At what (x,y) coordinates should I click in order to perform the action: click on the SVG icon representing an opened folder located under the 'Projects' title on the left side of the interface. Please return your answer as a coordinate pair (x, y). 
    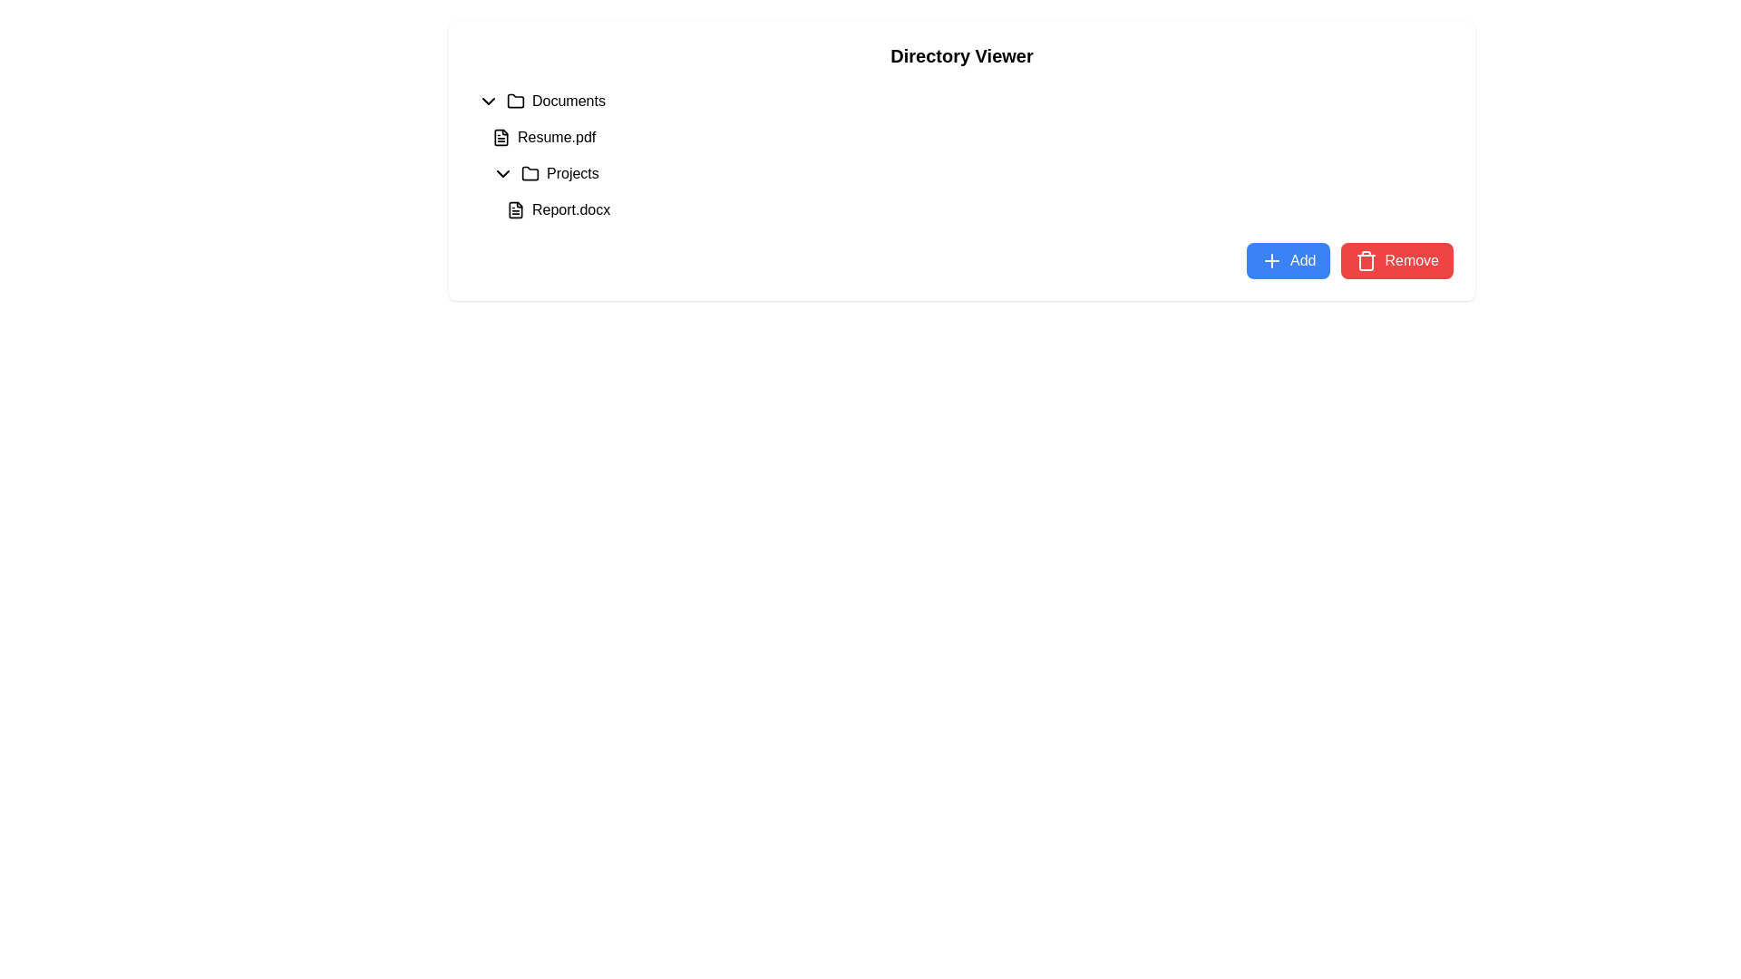
    Looking at the image, I should click on (530, 173).